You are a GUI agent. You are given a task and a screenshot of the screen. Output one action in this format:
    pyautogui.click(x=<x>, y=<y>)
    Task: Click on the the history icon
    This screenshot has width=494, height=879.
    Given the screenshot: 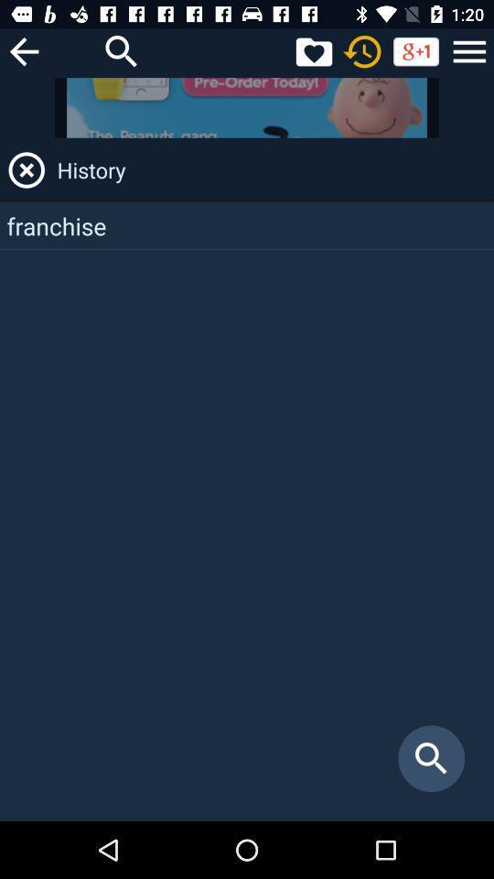 What is the action you would take?
    pyautogui.click(x=362, y=50)
    